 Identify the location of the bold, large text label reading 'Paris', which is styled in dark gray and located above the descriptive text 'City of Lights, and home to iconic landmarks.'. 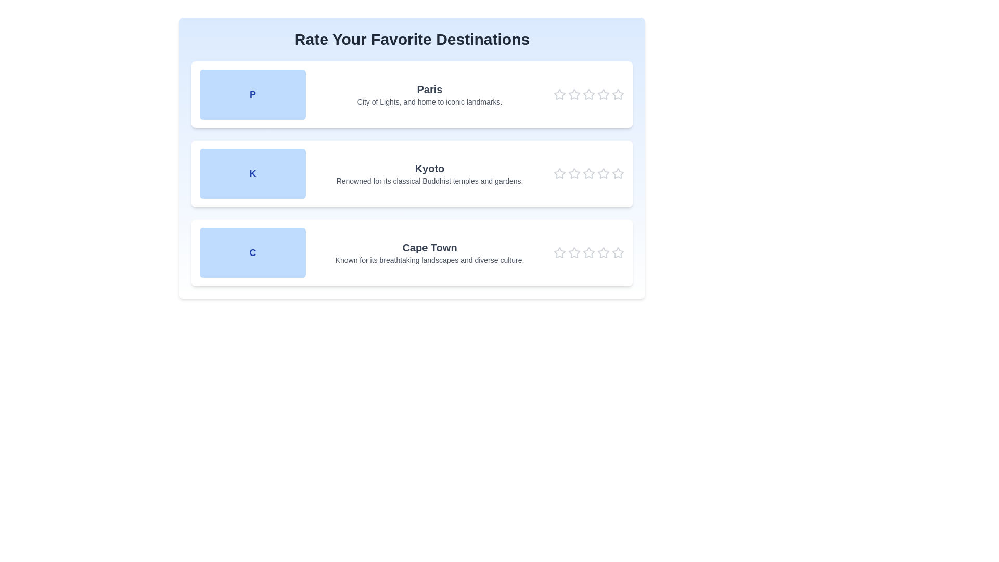
(429, 89).